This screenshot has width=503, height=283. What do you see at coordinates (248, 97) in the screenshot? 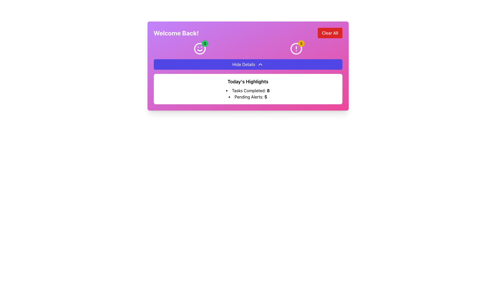
I see `the static Text Label that displays the number of pending alerts (5), located under 'Today's Highlights' and following 'Tasks Completed: 8'` at bounding box center [248, 97].